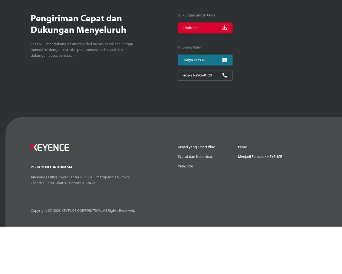 The width and height of the screenshot is (342, 274). I want to click on 'Copyright (C) 2023 KEYENCE CORPORATION. All Rights Reserved.', so click(83, 210).